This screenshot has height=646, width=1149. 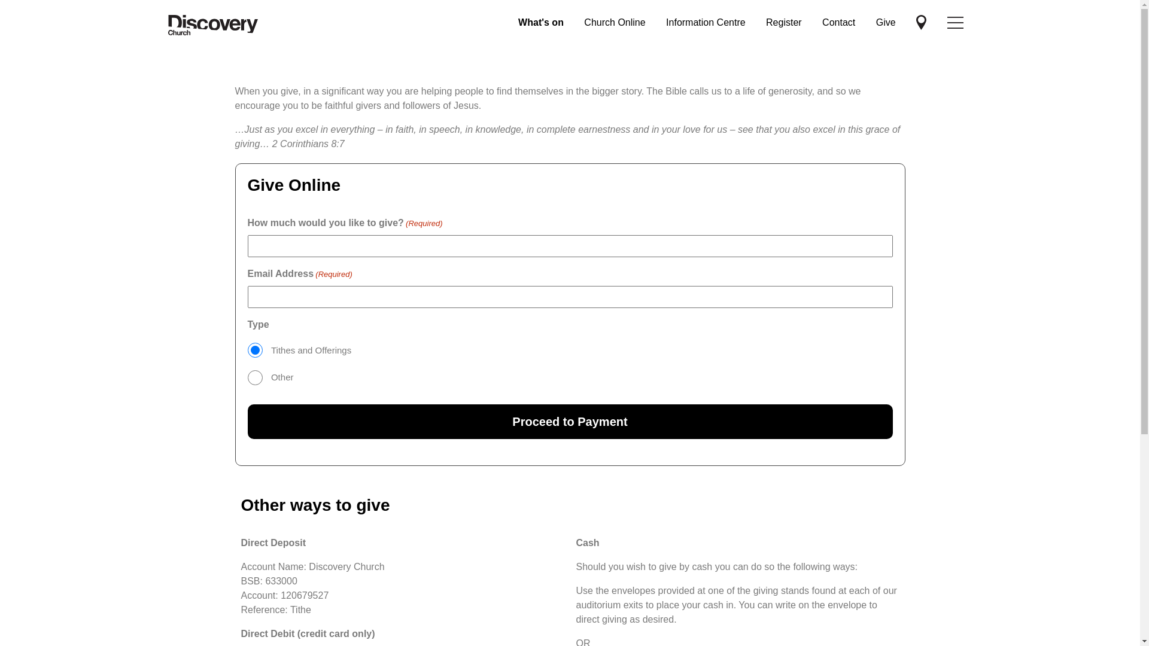 I want to click on 'Information Centre', so click(x=656, y=22).